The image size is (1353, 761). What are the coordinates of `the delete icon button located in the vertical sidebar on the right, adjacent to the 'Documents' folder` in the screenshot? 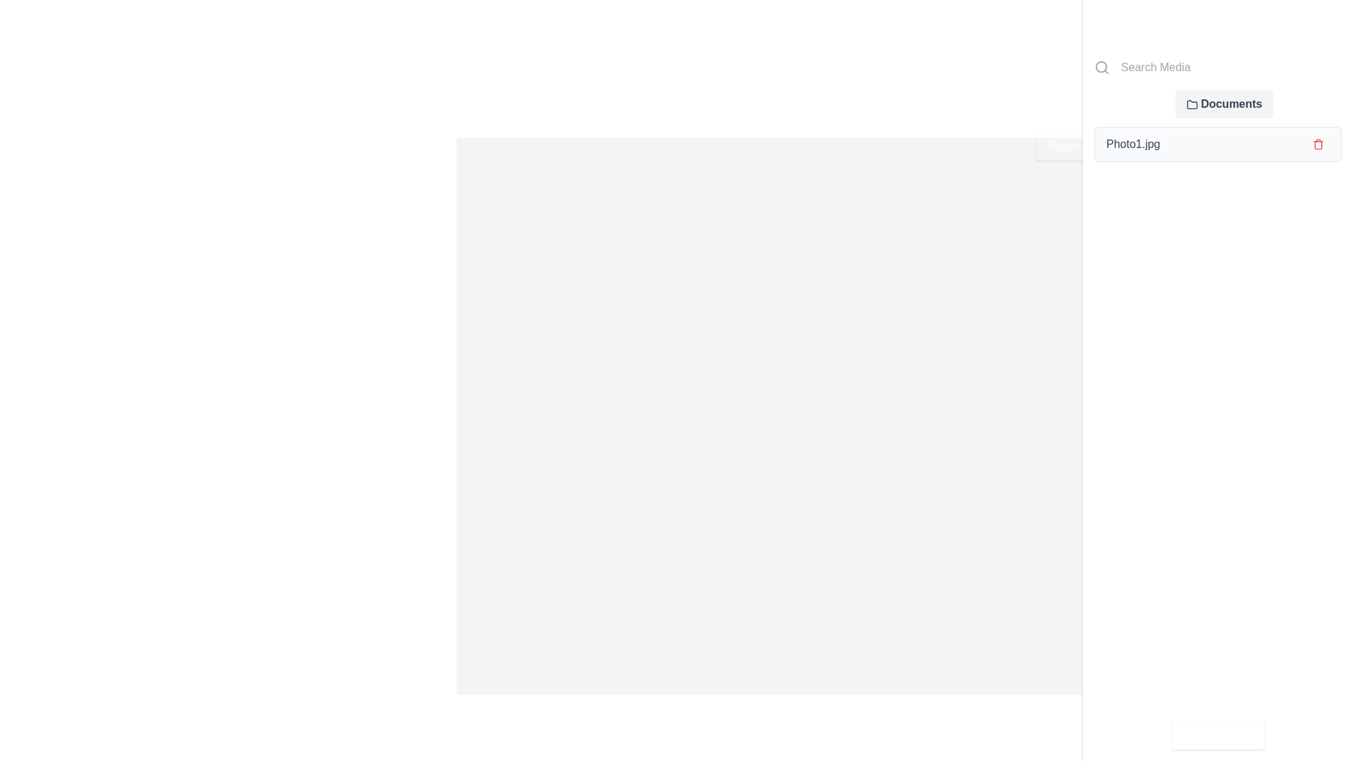 It's located at (1318, 144).